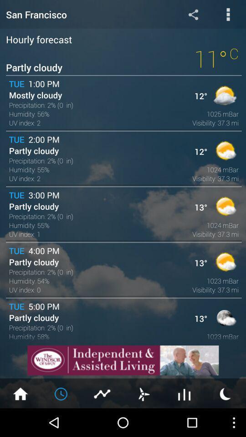  What do you see at coordinates (20, 421) in the screenshot?
I see `the home icon` at bounding box center [20, 421].